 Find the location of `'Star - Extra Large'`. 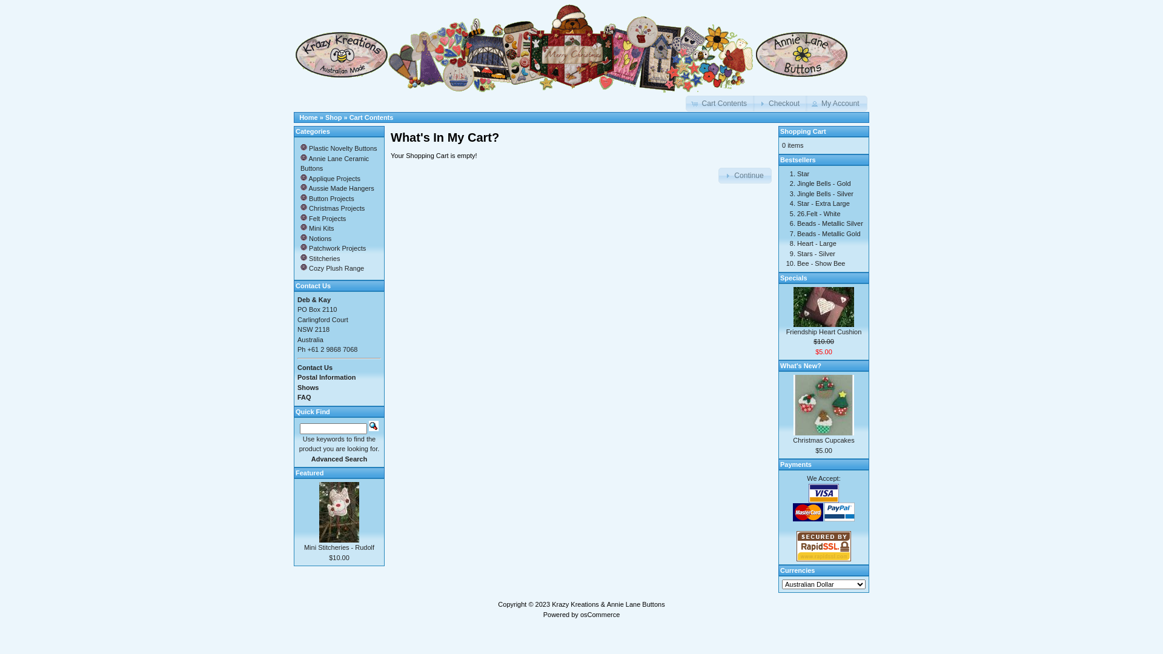

'Star - Extra Large' is located at coordinates (823, 202).